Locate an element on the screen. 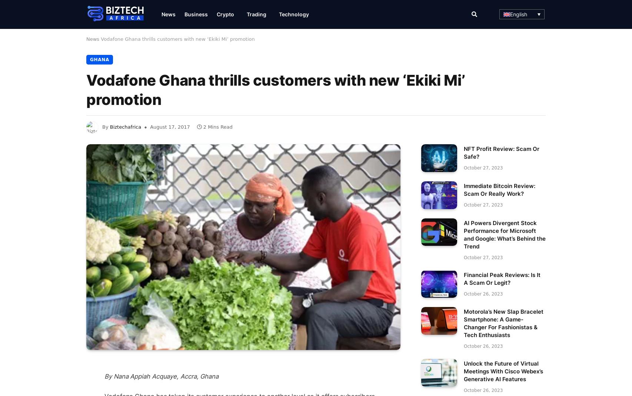 Image resolution: width=632 pixels, height=396 pixels. 'Business' is located at coordinates (184, 13).